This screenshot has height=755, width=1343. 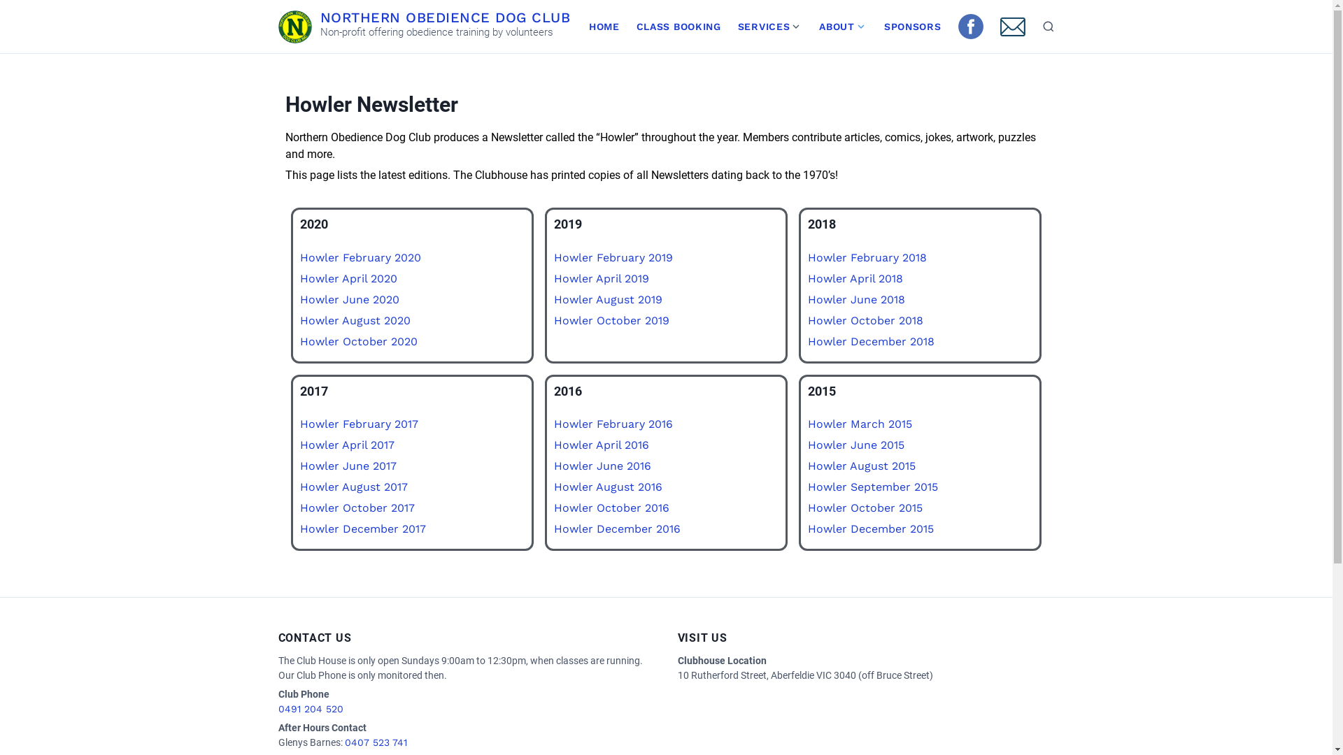 What do you see at coordinates (865, 319) in the screenshot?
I see `'Howler October 2018'` at bounding box center [865, 319].